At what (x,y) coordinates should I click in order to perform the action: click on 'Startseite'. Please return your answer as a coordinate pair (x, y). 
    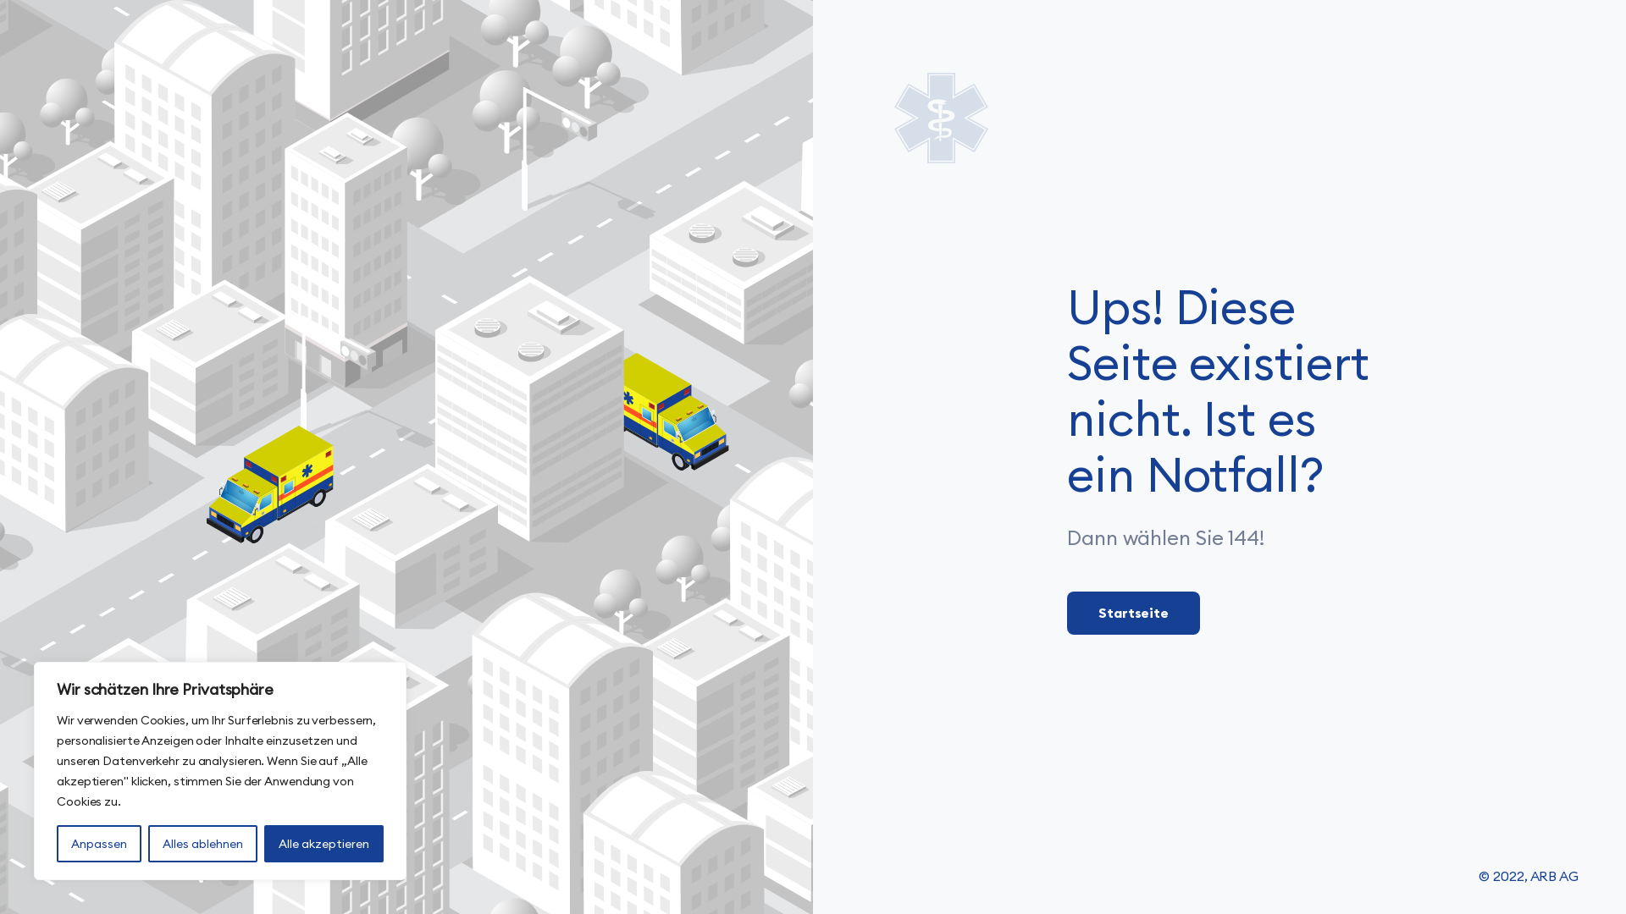
    Looking at the image, I should click on (1133, 613).